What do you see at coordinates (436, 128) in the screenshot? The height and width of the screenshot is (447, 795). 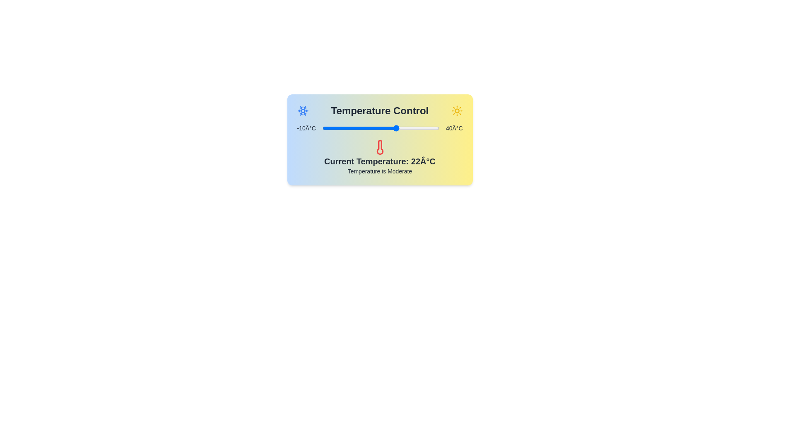 I see `the slider to set the temperature to 39°C` at bounding box center [436, 128].